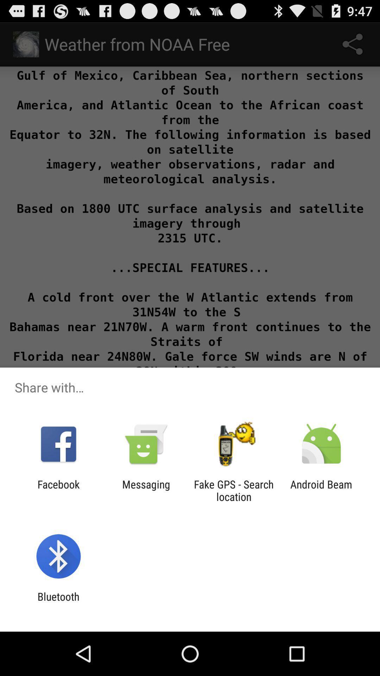 Image resolution: width=380 pixels, height=676 pixels. What do you see at coordinates (58, 602) in the screenshot?
I see `the bluetooth app` at bounding box center [58, 602].